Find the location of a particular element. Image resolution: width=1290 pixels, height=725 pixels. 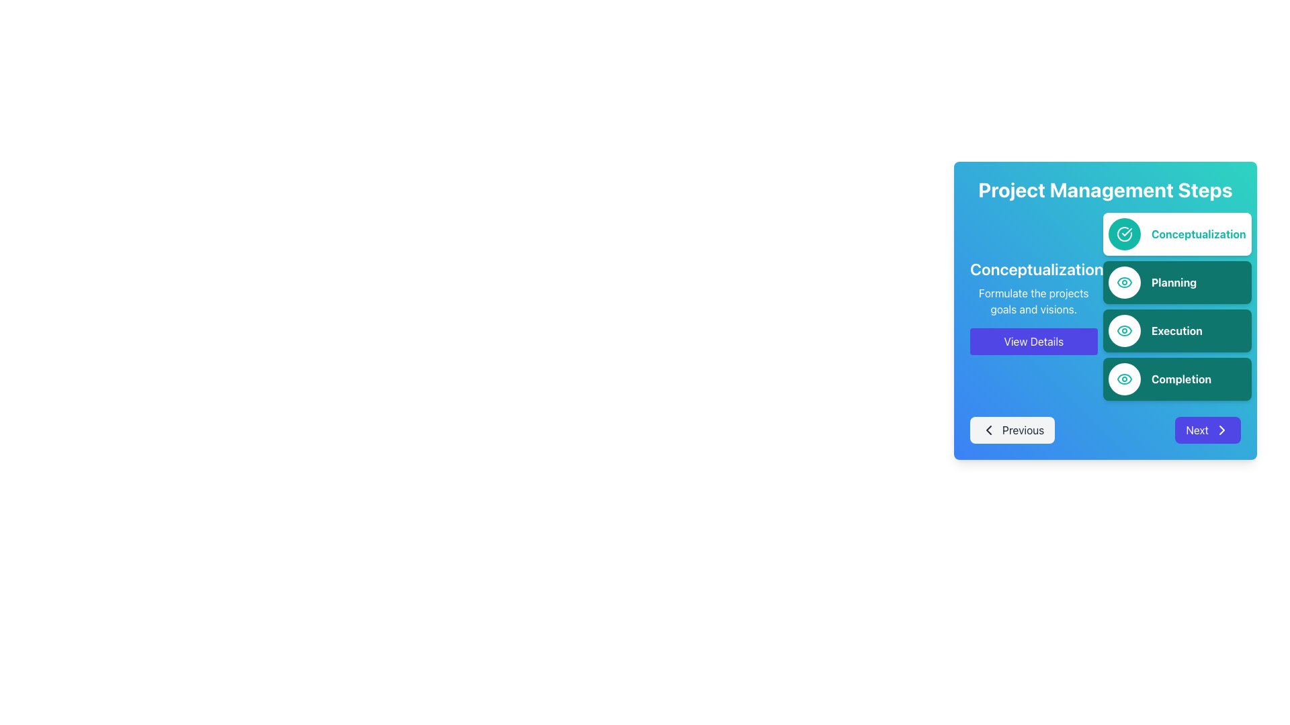

the 'Completion' button, which is a teal rectangular button with rounded corners located in the 'Project Management Steps' section is located at coordinates (1176, 379).